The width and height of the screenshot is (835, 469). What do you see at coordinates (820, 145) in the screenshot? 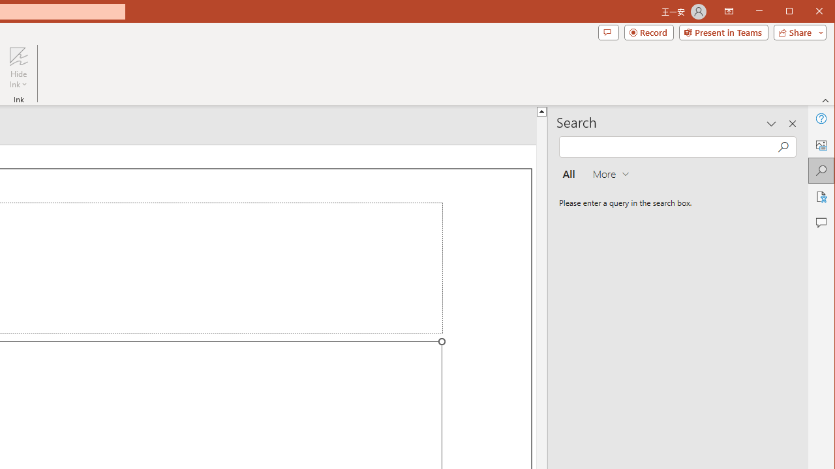
I see `'Alt Text'` at bounding box center [820, 145].